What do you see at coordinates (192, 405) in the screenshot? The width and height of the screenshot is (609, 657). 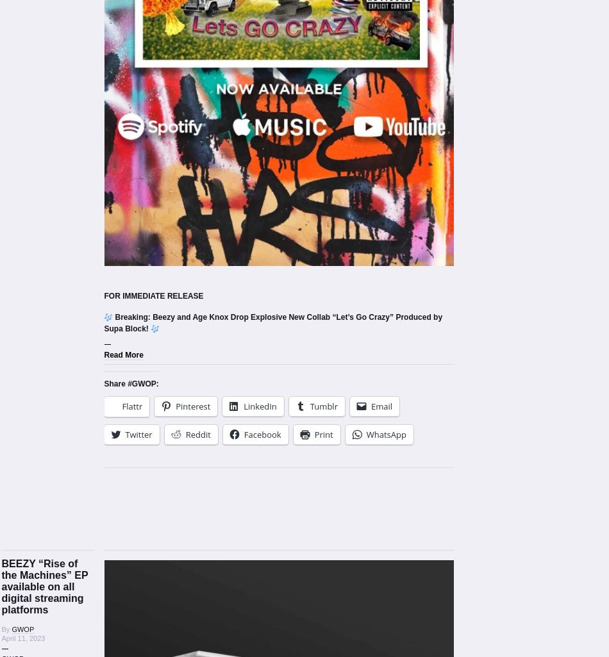 I see `'Pinterest'` at bounding box center [192, 405].